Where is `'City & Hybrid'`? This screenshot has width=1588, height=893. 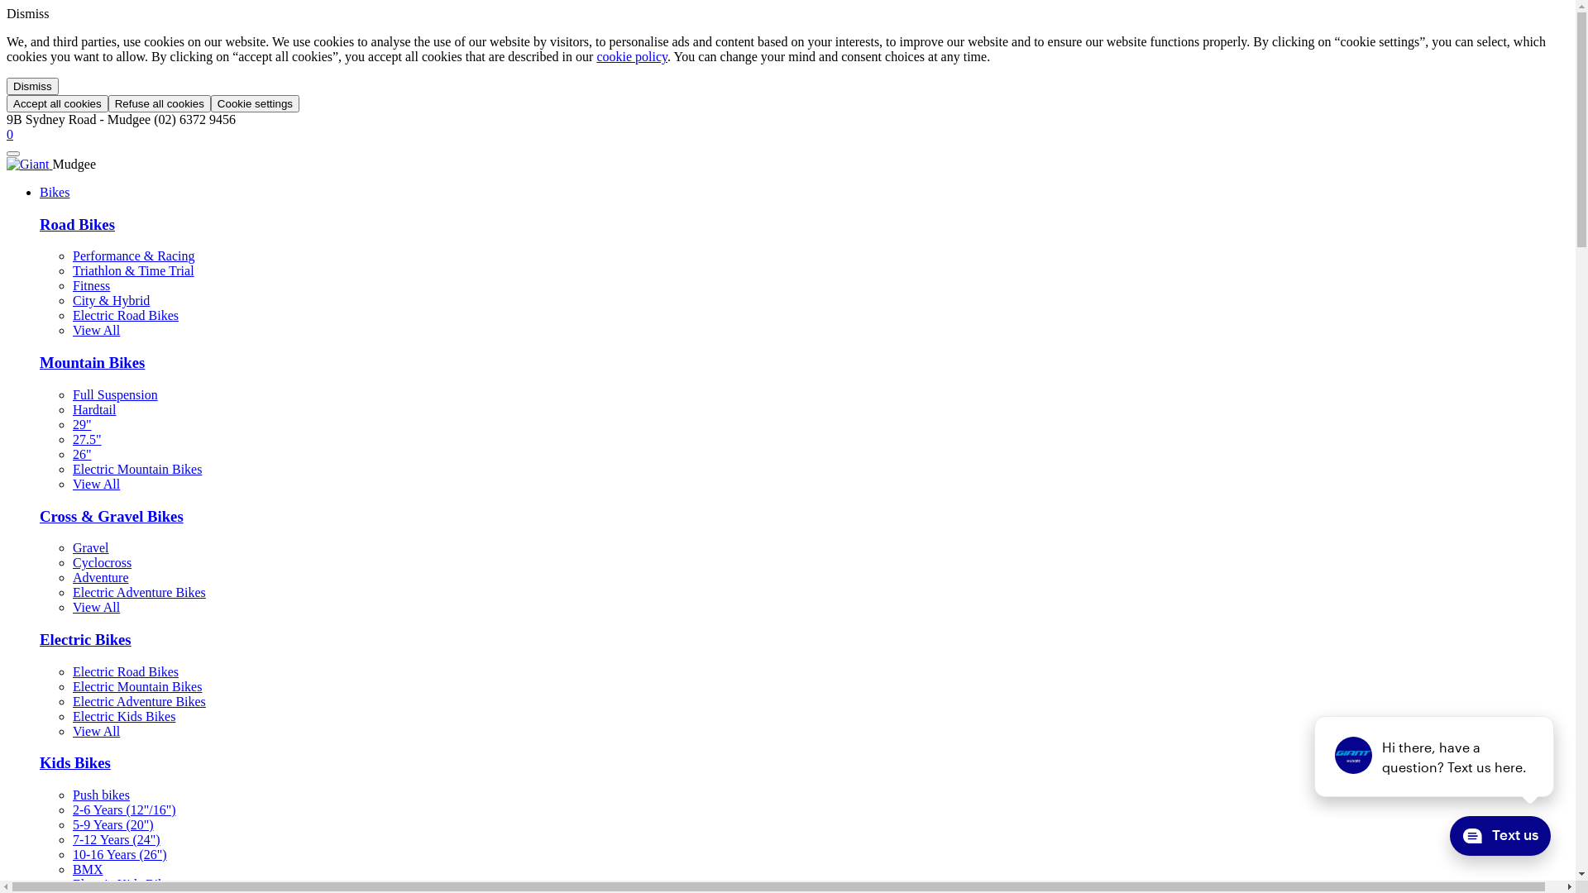
'City & Hybrid' is located at coordinates (110, 300).